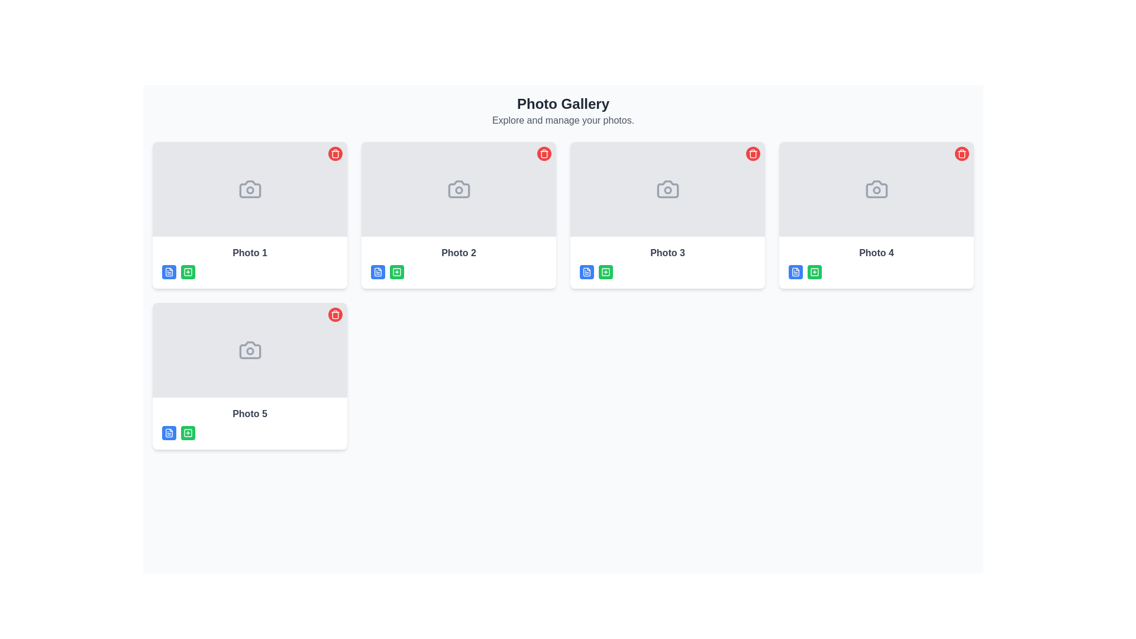 The height and width of the screenshot is (639, 1136). What do you see at coordinates (458, 189) in the screenshot?
I see `the camera icon located on the gray card labeled 'Photo 2' in the photo gallery grid` at bounding box center [458, 189].